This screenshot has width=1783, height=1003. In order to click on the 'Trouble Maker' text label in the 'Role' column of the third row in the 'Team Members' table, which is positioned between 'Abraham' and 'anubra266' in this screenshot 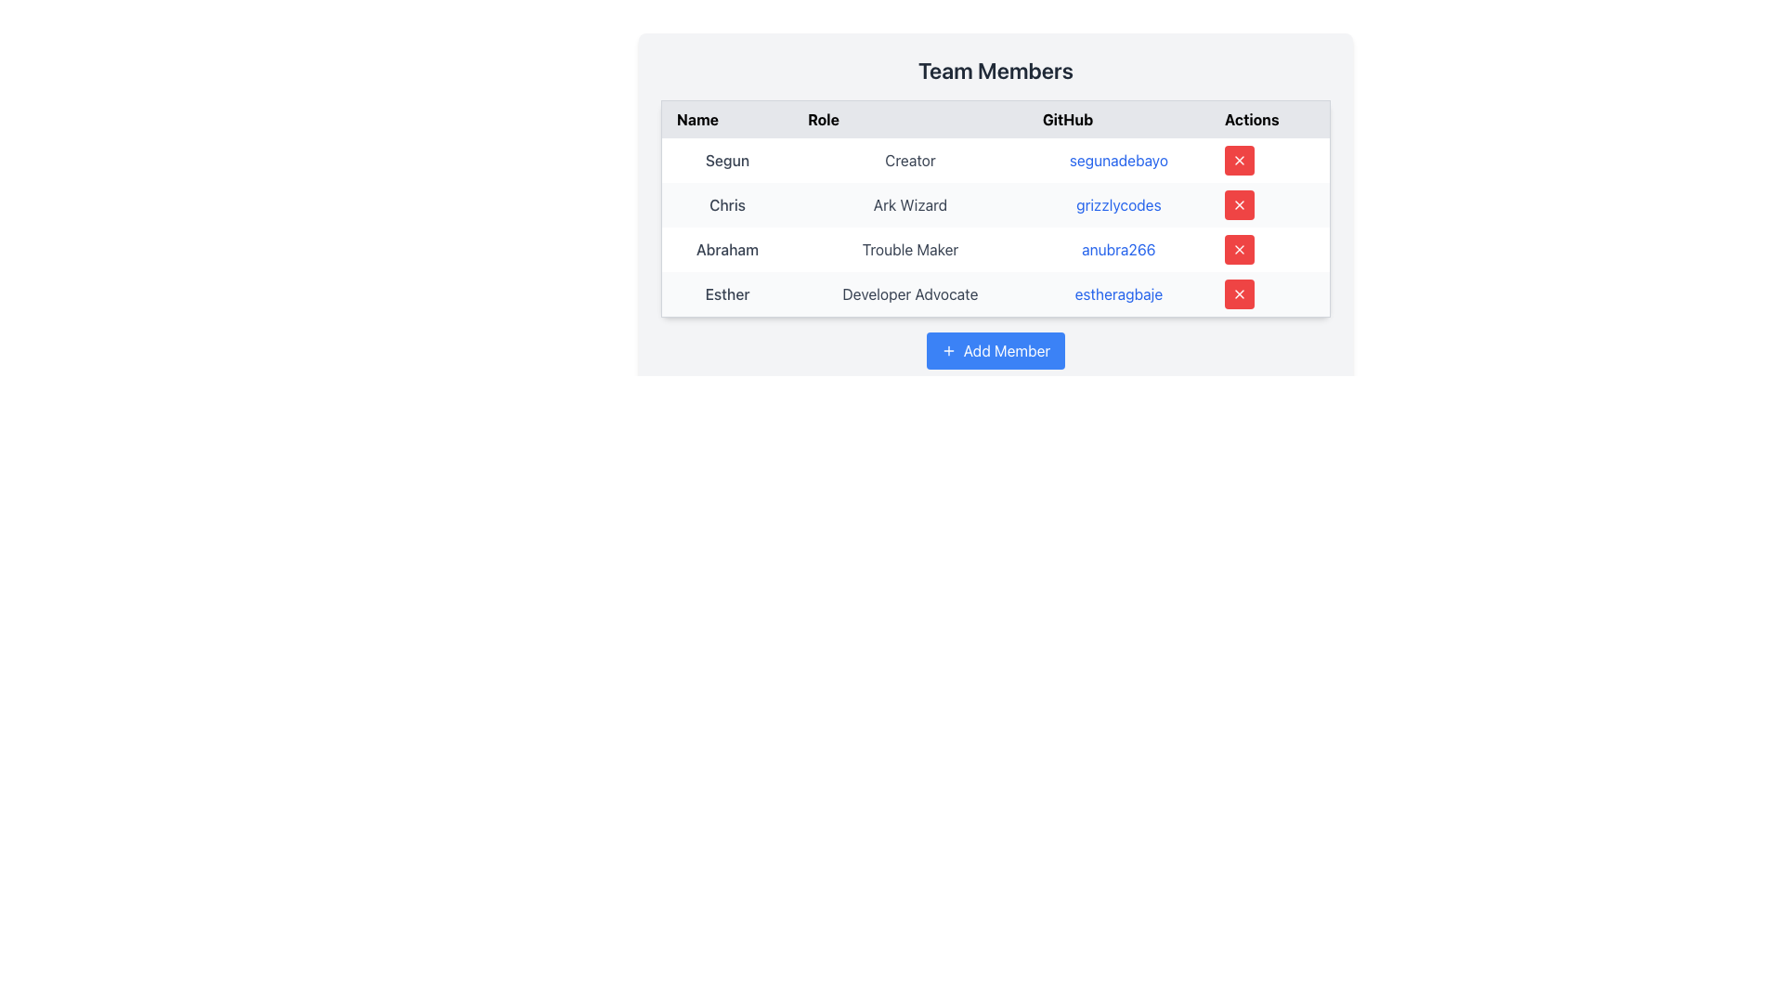, I will do `click(910, 249)`.